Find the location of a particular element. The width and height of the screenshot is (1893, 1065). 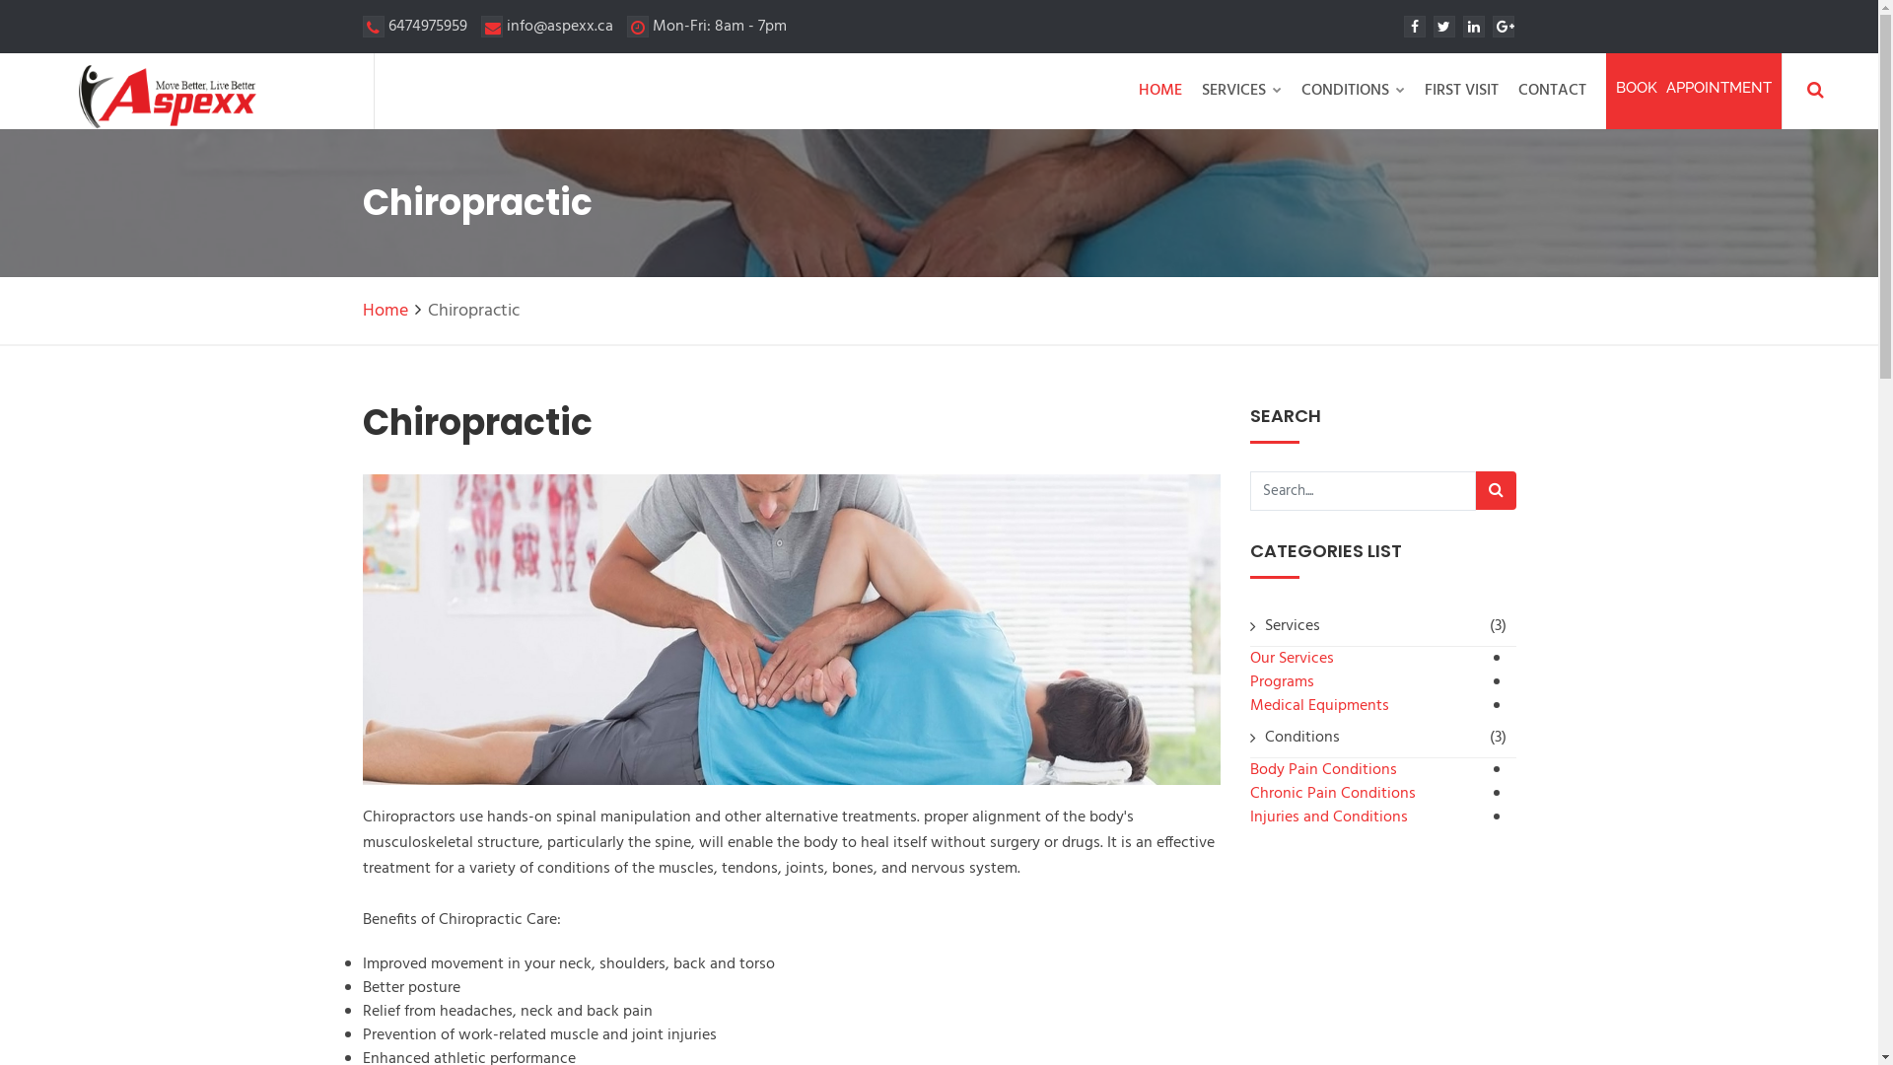

'CONTACT' is located at coordinates (1551, 91).